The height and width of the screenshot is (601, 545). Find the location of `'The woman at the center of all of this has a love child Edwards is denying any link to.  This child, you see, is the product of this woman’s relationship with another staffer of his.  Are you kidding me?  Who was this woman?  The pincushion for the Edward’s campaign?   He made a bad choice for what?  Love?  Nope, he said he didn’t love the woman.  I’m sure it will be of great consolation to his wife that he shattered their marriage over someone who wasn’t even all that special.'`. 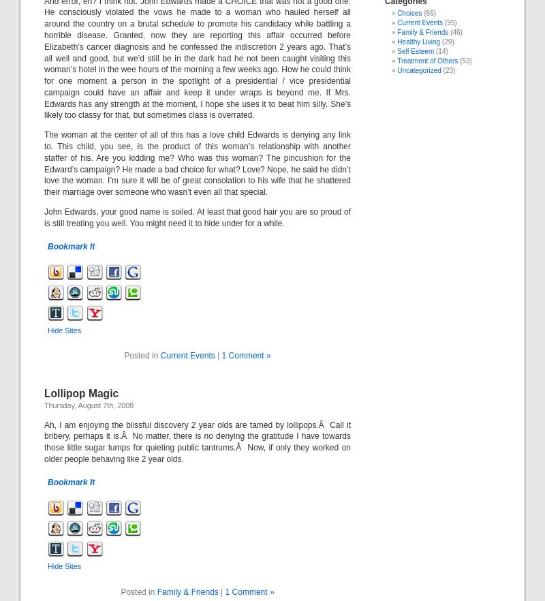

'The woman at the center of all of this has a love child Edwards is denying any link to.  This child, you see, is the product of this woman’s relationship with another staffer of his.  Are you kidding me?  Who was this woman?  The pincushion for the Edward’s campaign?   He made a bad choice for what?  Love?  Nope, he said he didn’t love the woman.  I’m sure it will be of great consolation to his wife that he shattered their marriage over someone who wasn’t even all that special.' is located at coordinates (44, 162).